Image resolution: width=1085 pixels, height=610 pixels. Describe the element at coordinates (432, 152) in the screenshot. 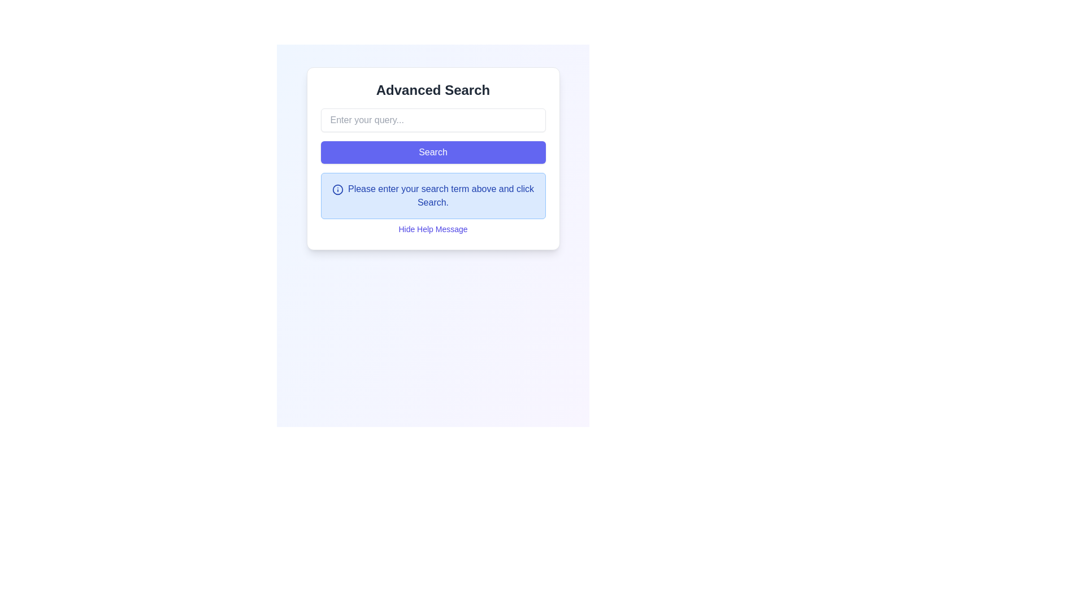

I see `the 'Search' button, which is a rectangular button with rounded corners and a full blue background, containing centered white text` at that location.